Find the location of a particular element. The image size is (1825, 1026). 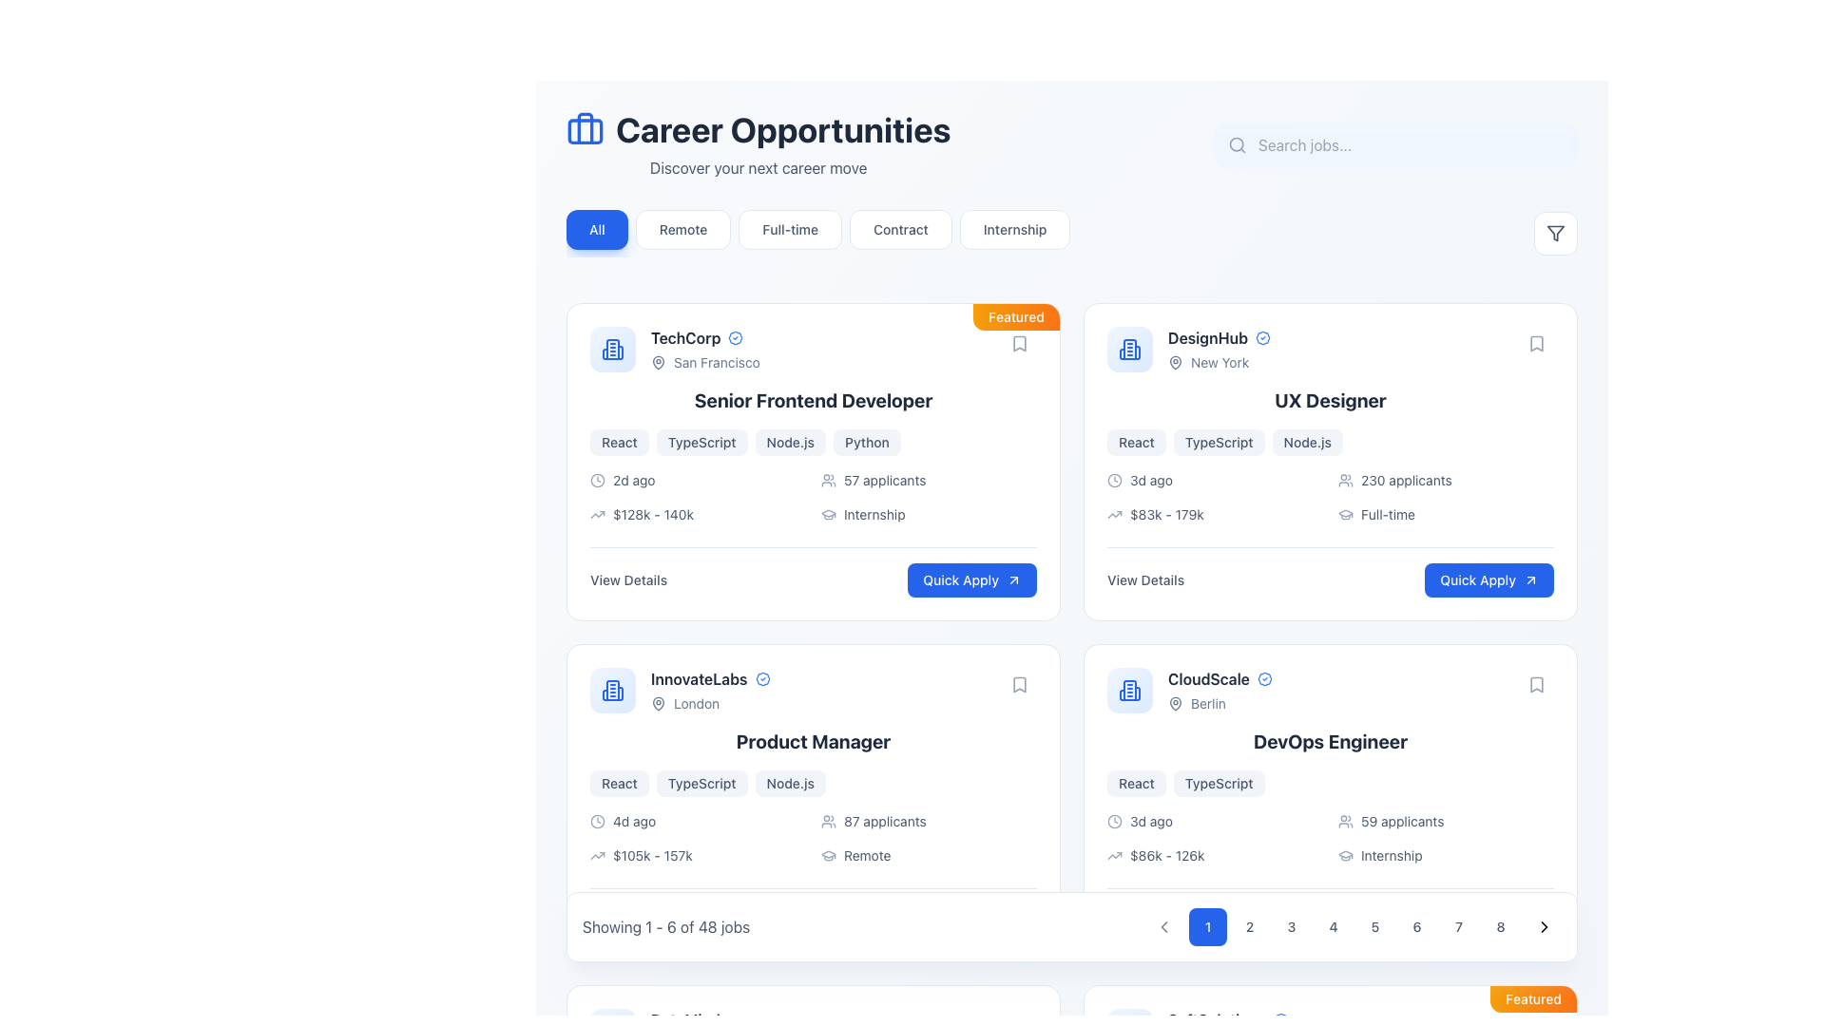

the job title text element located in the third card of the grid layout, situated below the company name and location details is located at coordinates (813, 740).